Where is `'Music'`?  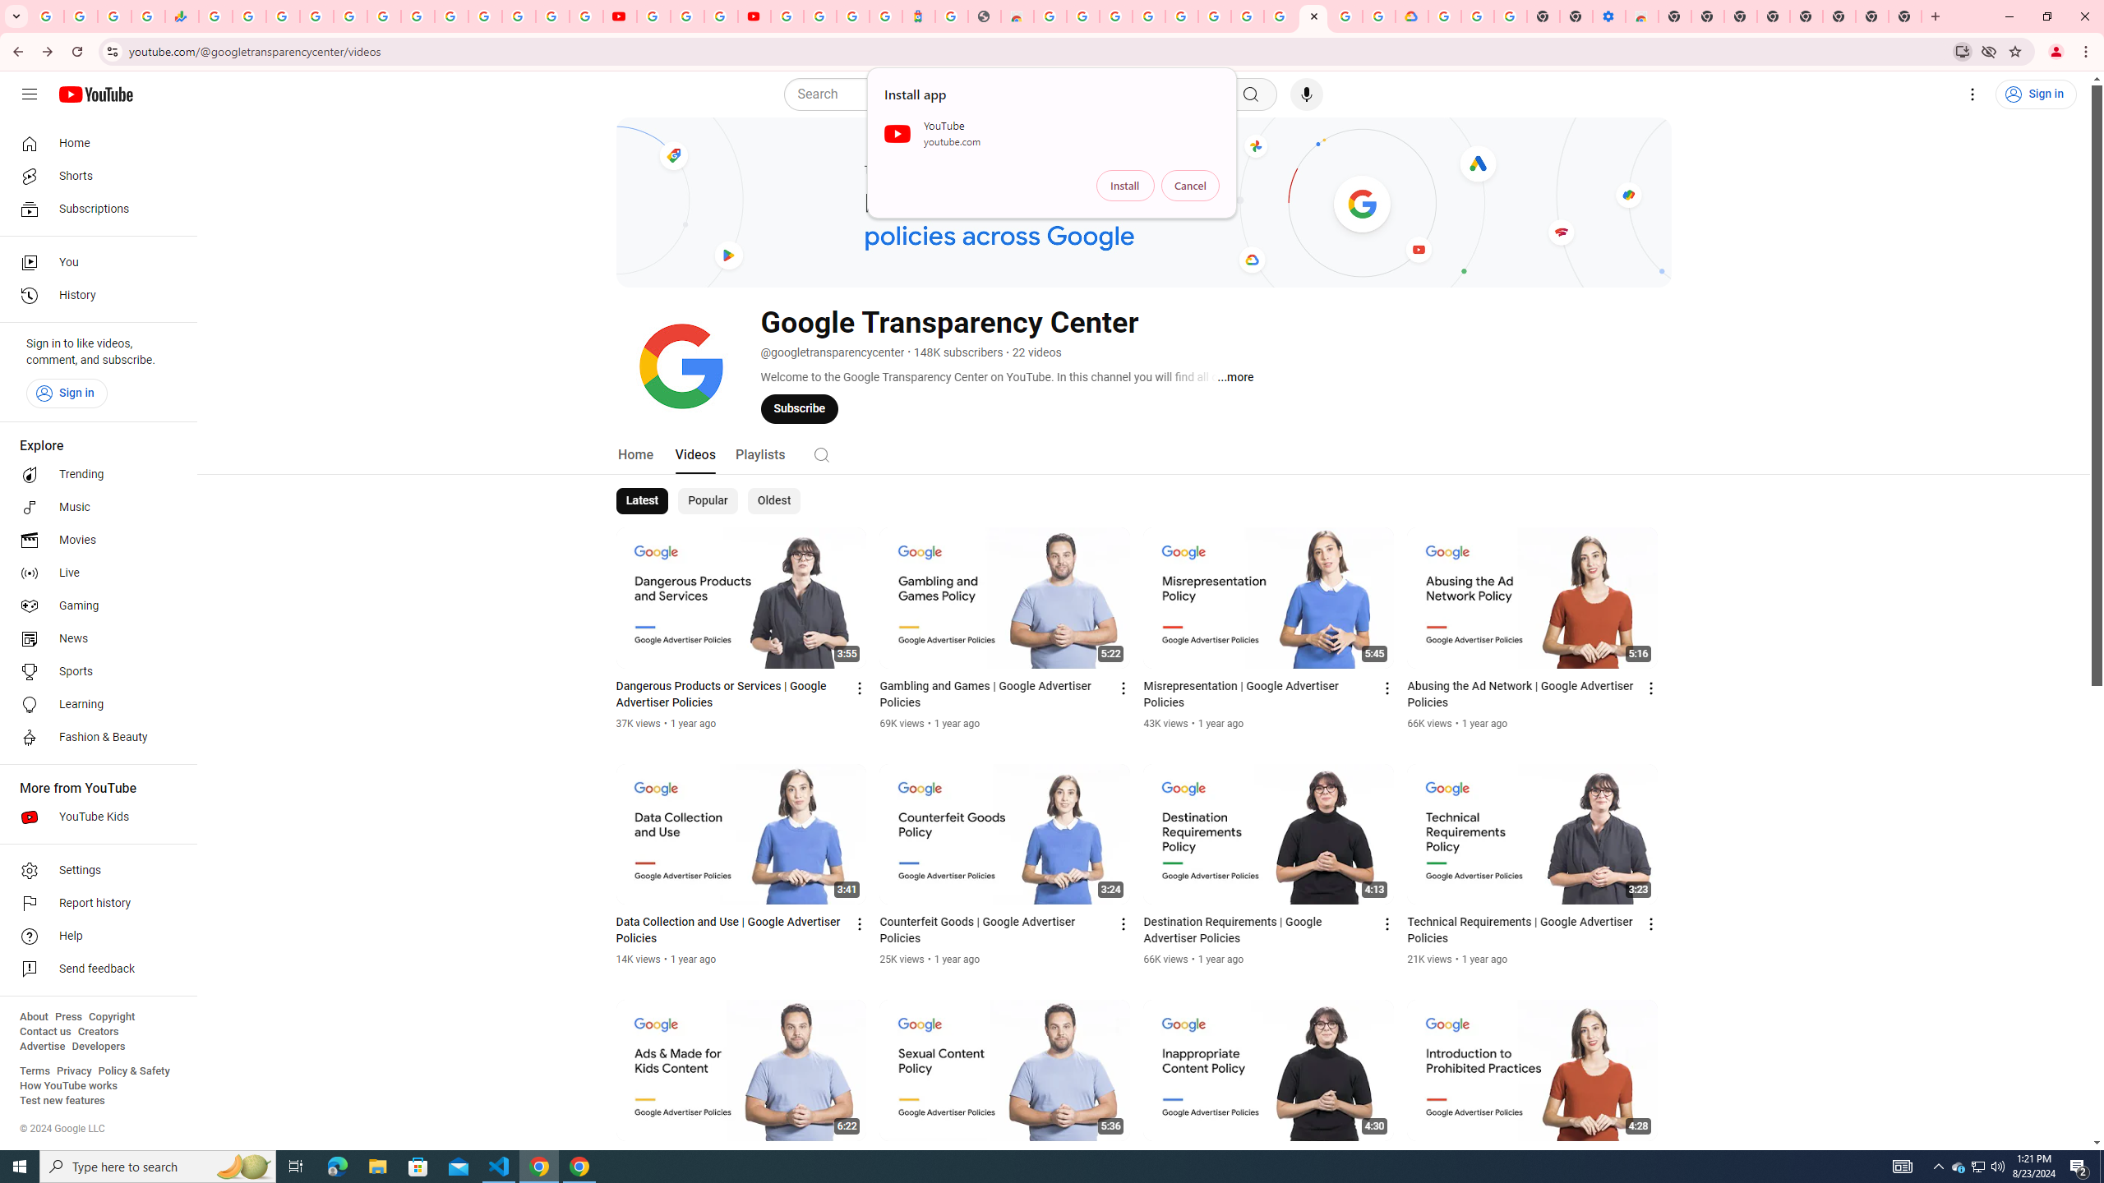
'Music' is located at coordinates (93, 506).